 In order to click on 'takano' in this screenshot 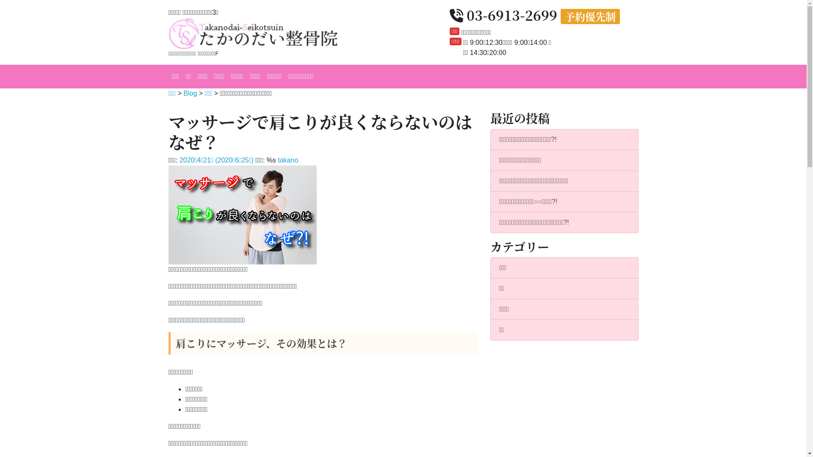, I will do `click(278, 160)`.